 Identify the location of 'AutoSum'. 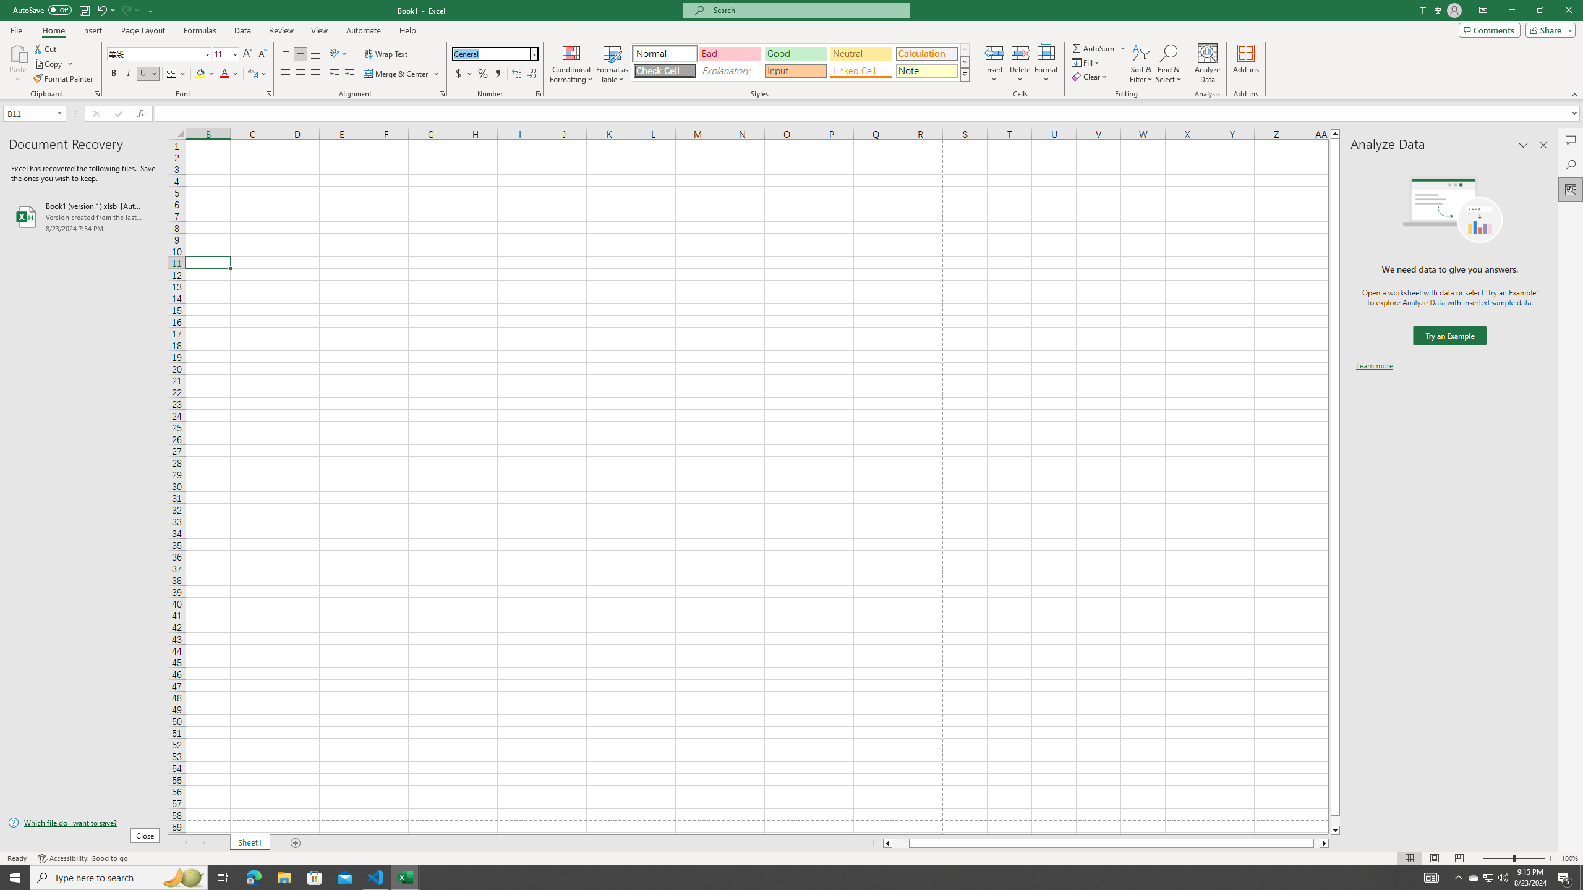
(1099, 48).